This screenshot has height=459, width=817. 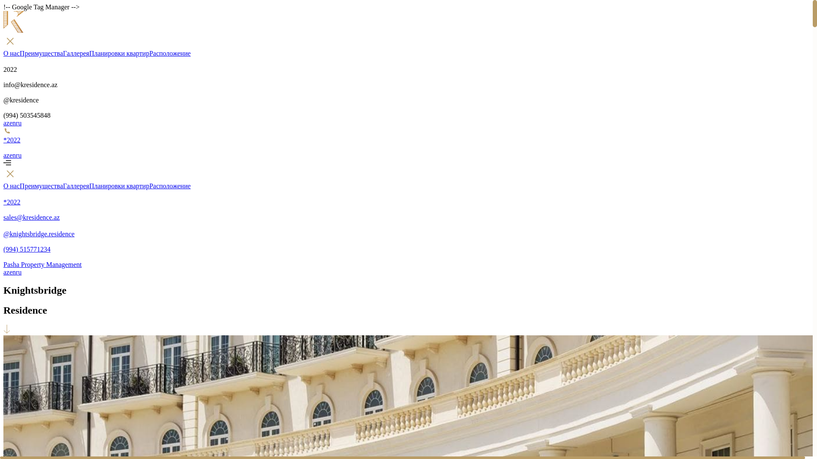 What do you see at coordinates (6, 272) in the screenshot?
I see `'az'` at bounding box center [6, 272].